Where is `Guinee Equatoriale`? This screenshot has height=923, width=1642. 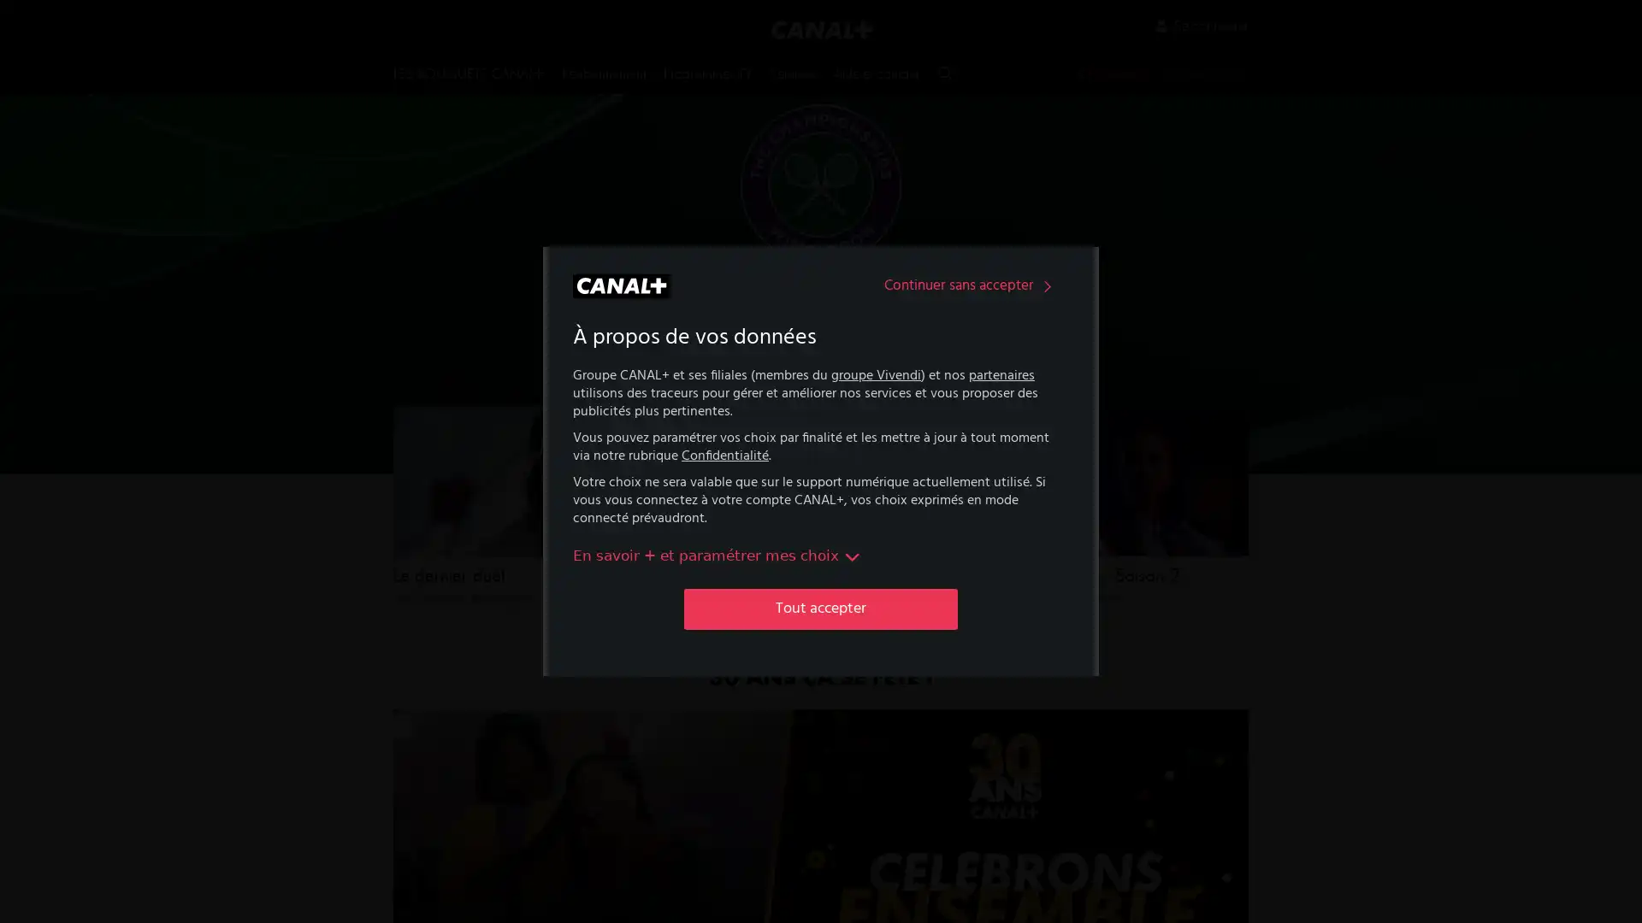
Guinee Equatoriale is located at coordinates (821, 539).